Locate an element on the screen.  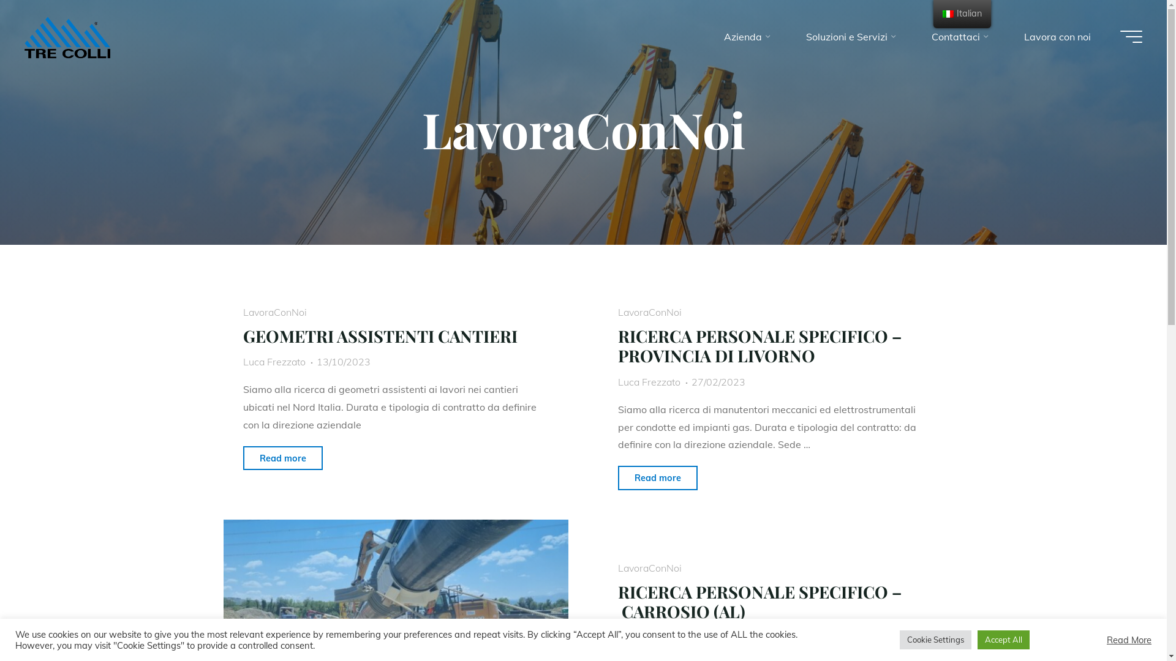
'Read more is located at coordinates (282, 458).